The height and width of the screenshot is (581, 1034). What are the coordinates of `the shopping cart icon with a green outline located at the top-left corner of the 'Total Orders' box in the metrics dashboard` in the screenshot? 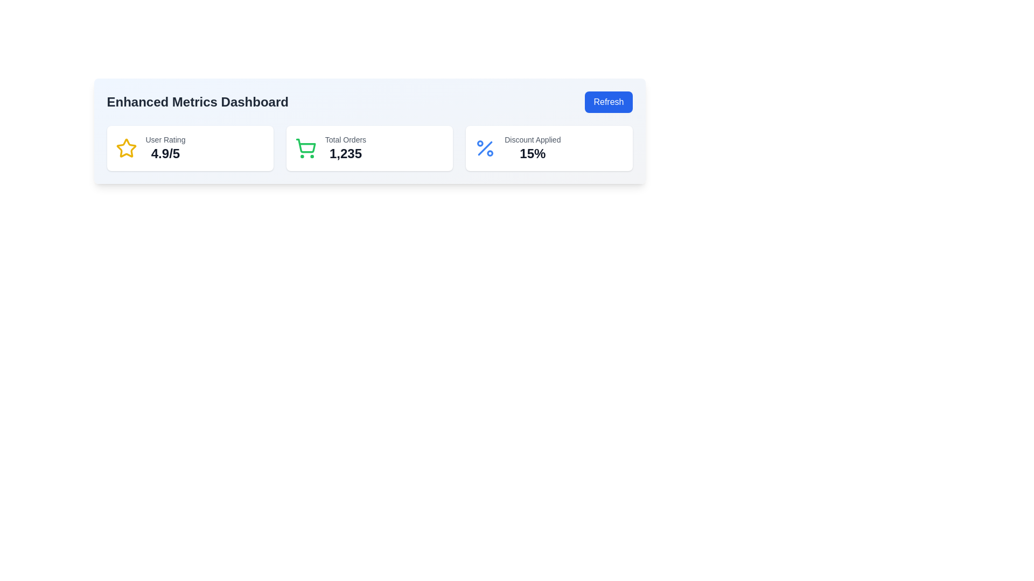 It's located at (305, 148).